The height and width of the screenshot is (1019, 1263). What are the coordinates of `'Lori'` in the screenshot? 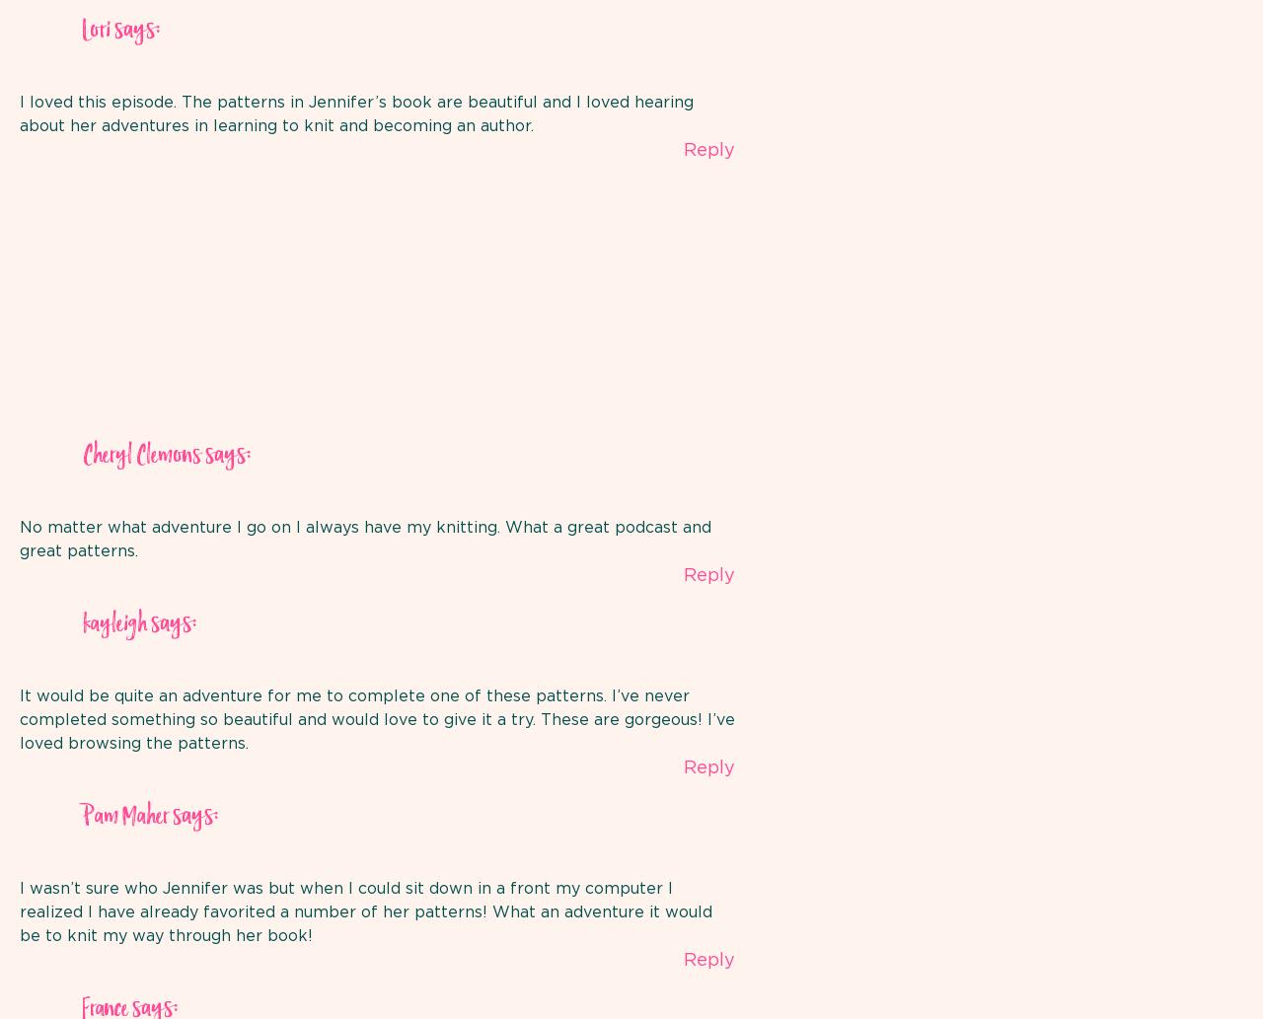 It's located at (96, 31).